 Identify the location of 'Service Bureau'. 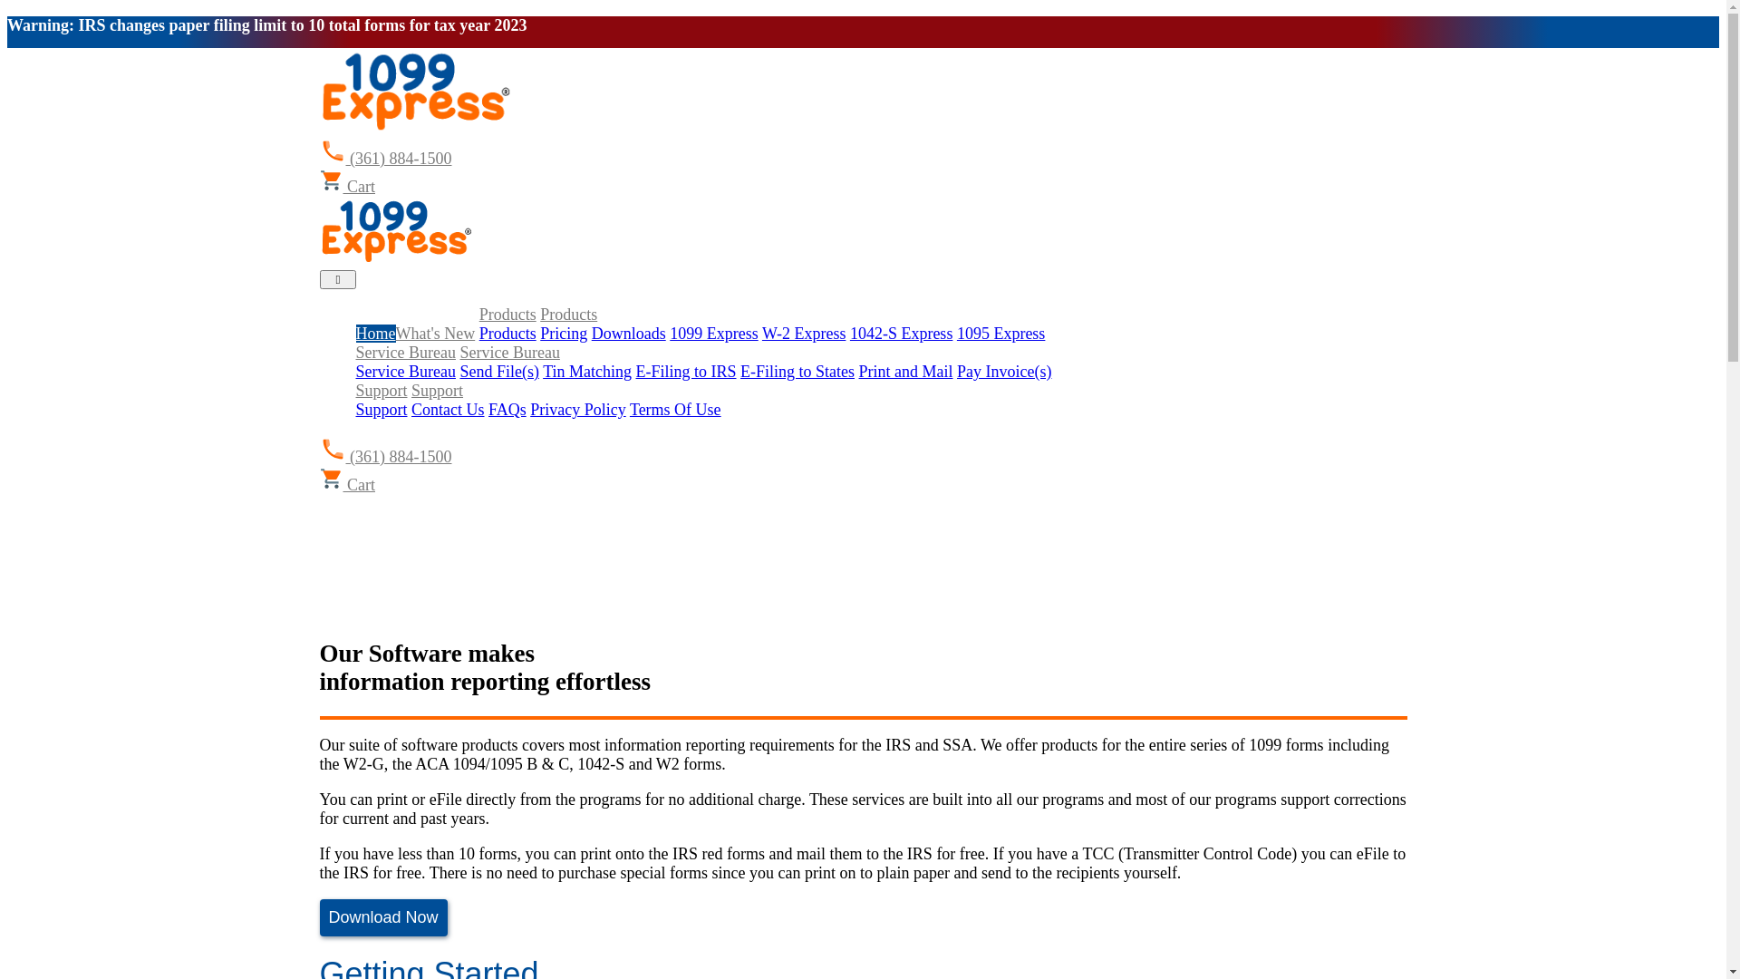
(403, 370).